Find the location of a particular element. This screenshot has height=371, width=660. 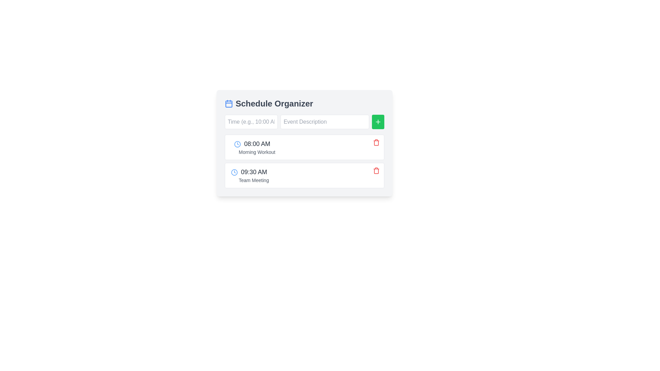

the calendar icon element, which is a rounded rectangle with a blue outline and markings for days or events, located in the top-left section of the Schedule Organizer widget is located at coordinates (229, 104).